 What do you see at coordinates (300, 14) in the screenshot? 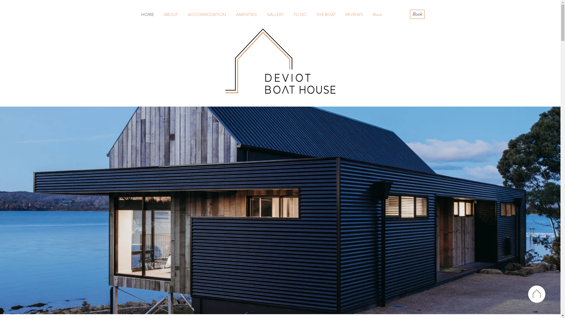
I see `'TO DO'` at bounding box center [300, 14].